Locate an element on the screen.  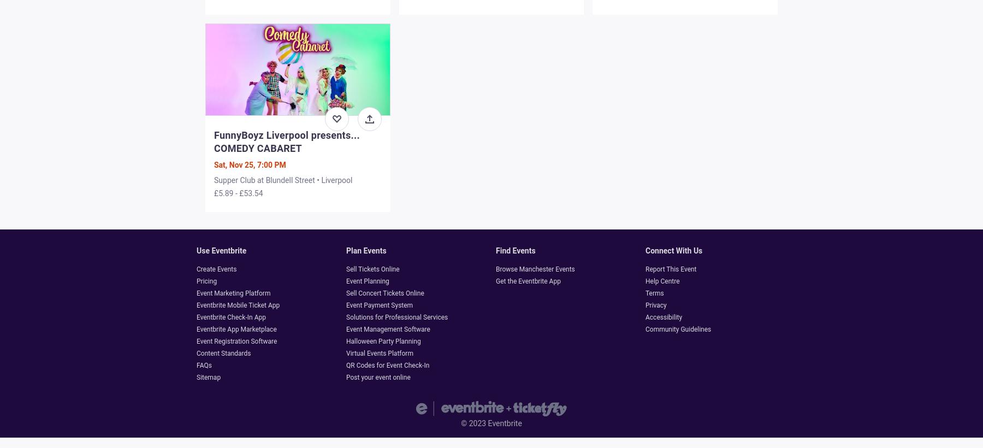
'Eventbrite Check-In App' is located at coordinates (231, 317).